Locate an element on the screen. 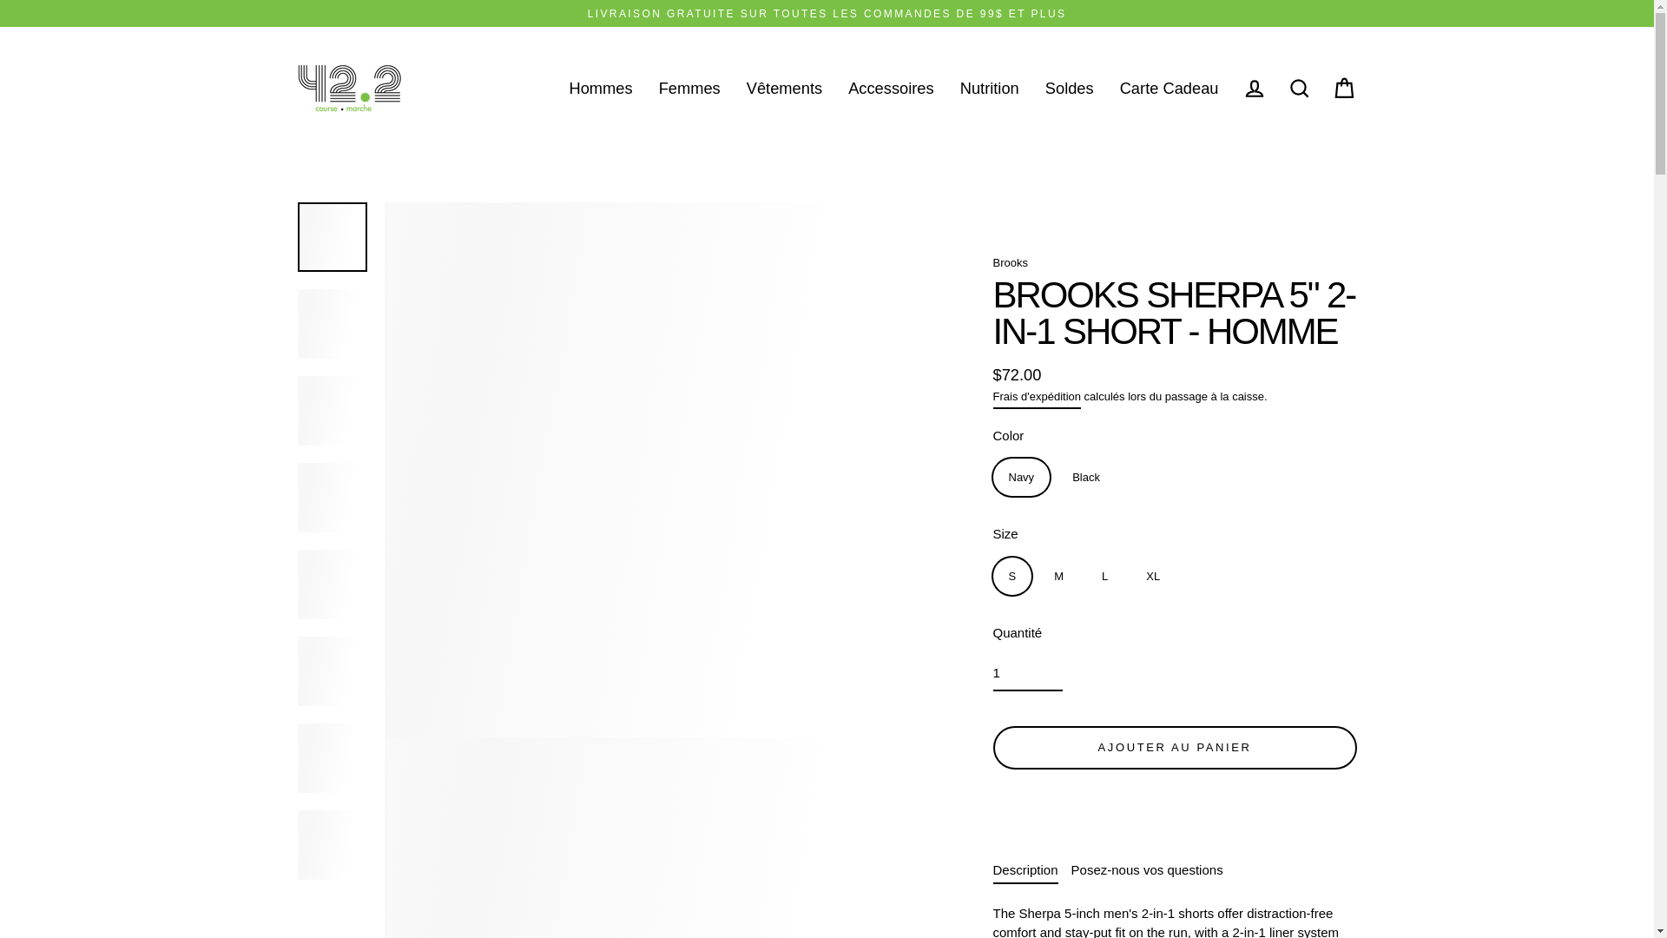 The height and width of the screenshot is (938, 1667). 'Panier' is located at coordinates (1343, 88).